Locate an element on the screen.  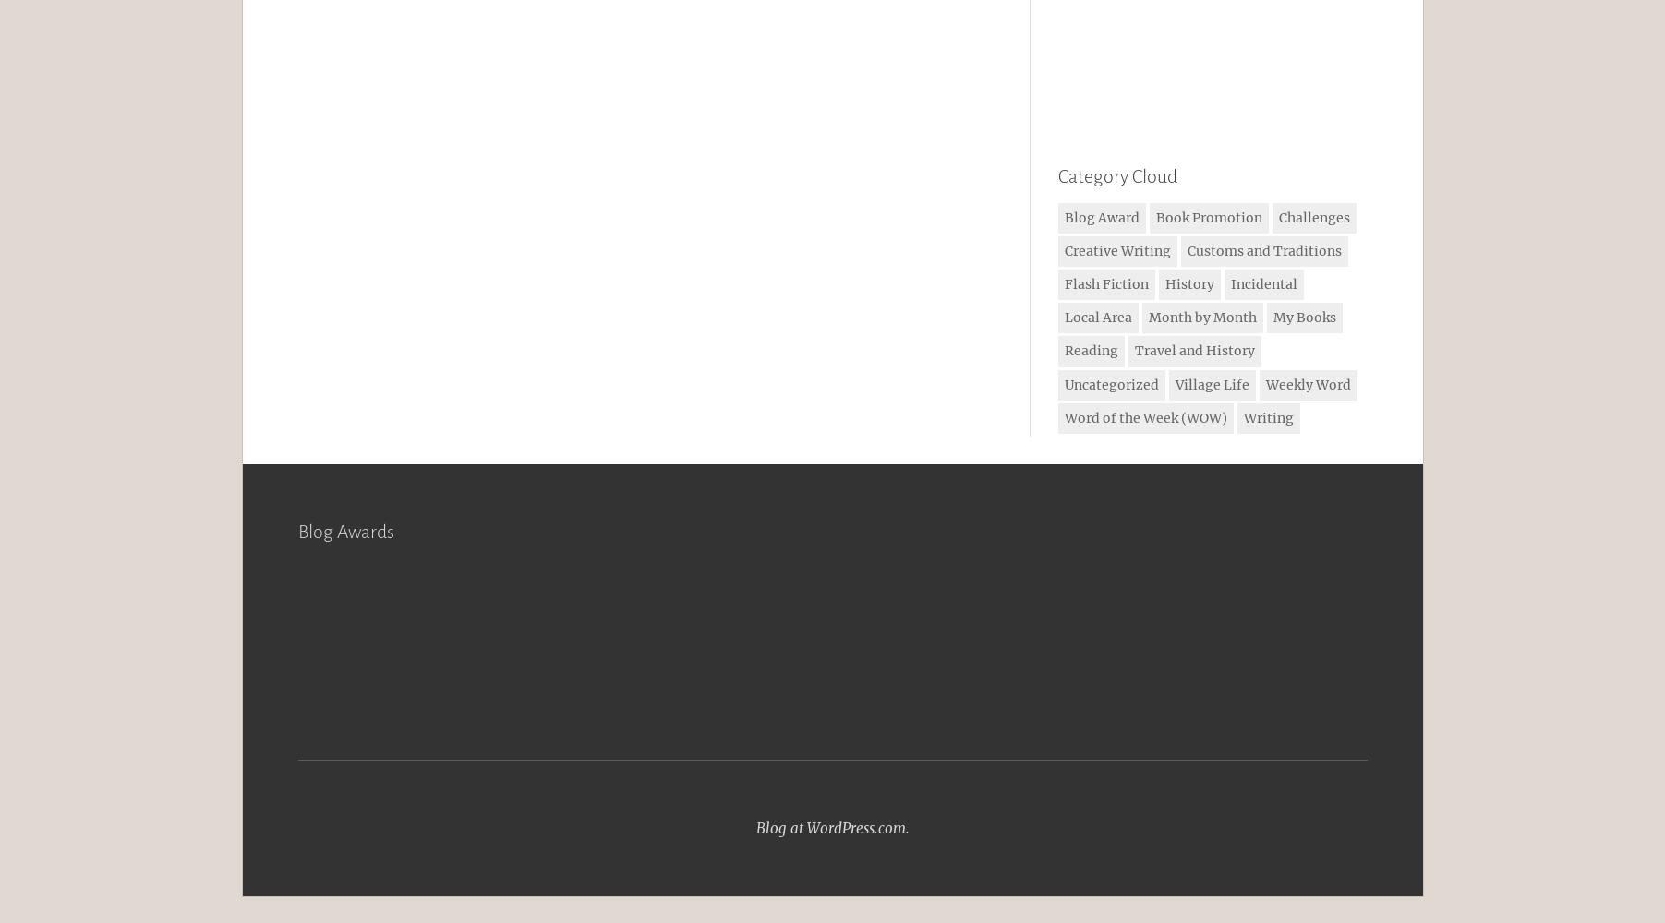
'Reading' is located at coordinates (1062, 351).